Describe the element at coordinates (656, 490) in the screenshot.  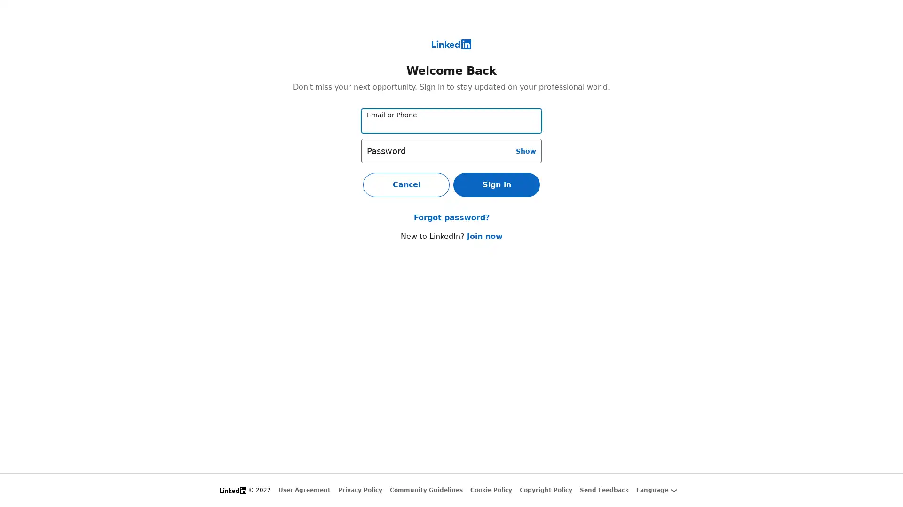
I see `Language` at that location.